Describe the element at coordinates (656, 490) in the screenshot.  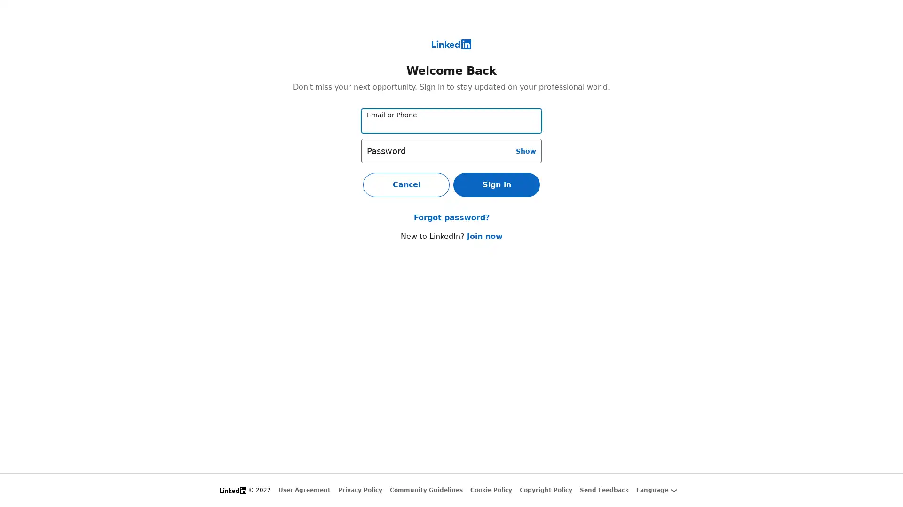
I see `Language` at that location.